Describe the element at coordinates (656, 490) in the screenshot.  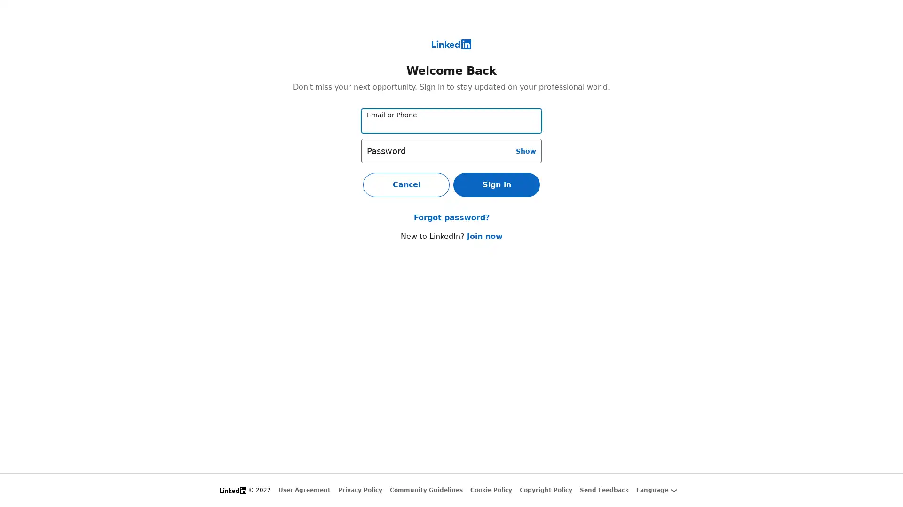
I see `Language` at that location.